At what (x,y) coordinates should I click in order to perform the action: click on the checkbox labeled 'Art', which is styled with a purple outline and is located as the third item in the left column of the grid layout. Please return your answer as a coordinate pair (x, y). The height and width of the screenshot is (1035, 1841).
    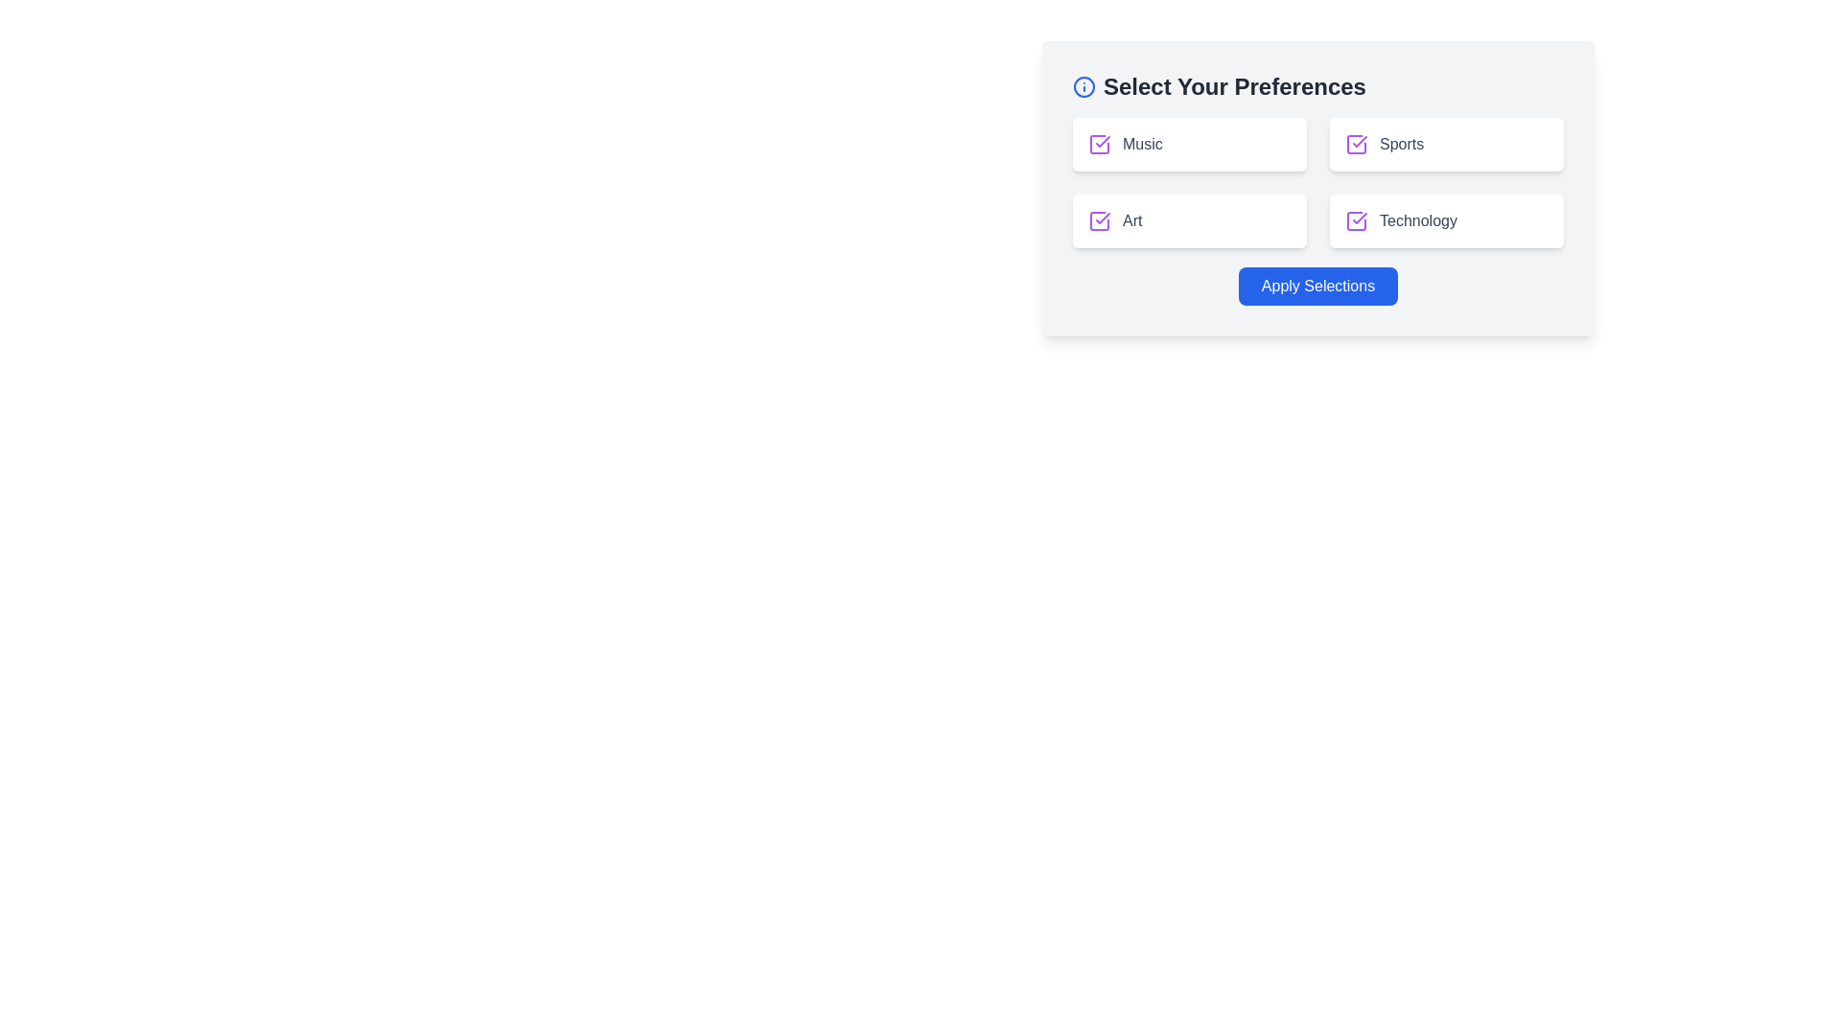
    Looking at the image, I should click on (1189, 220).